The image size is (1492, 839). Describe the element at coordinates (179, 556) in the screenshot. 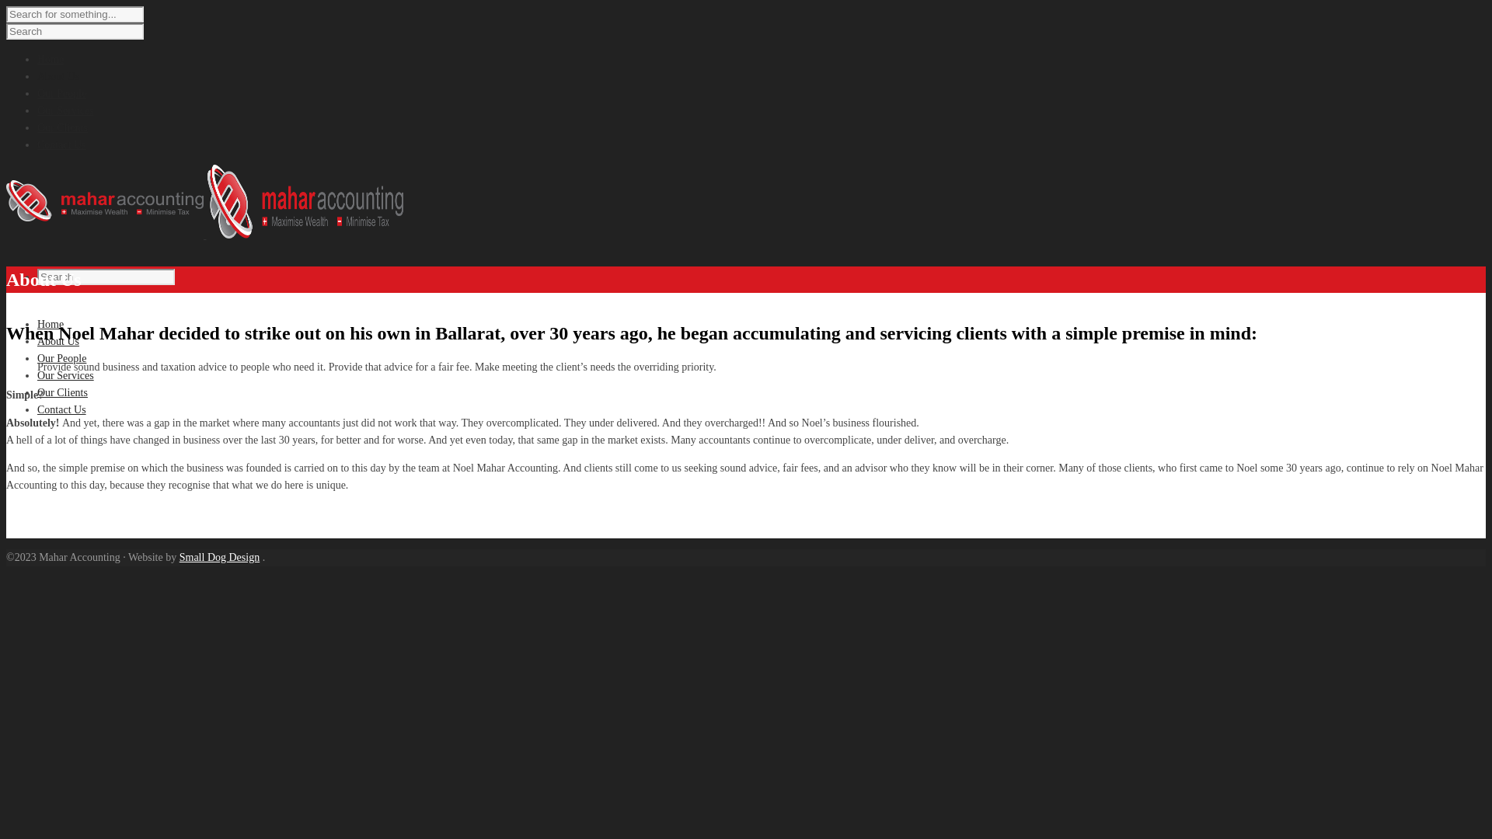

I see `'Small Dog Design'` at that location.